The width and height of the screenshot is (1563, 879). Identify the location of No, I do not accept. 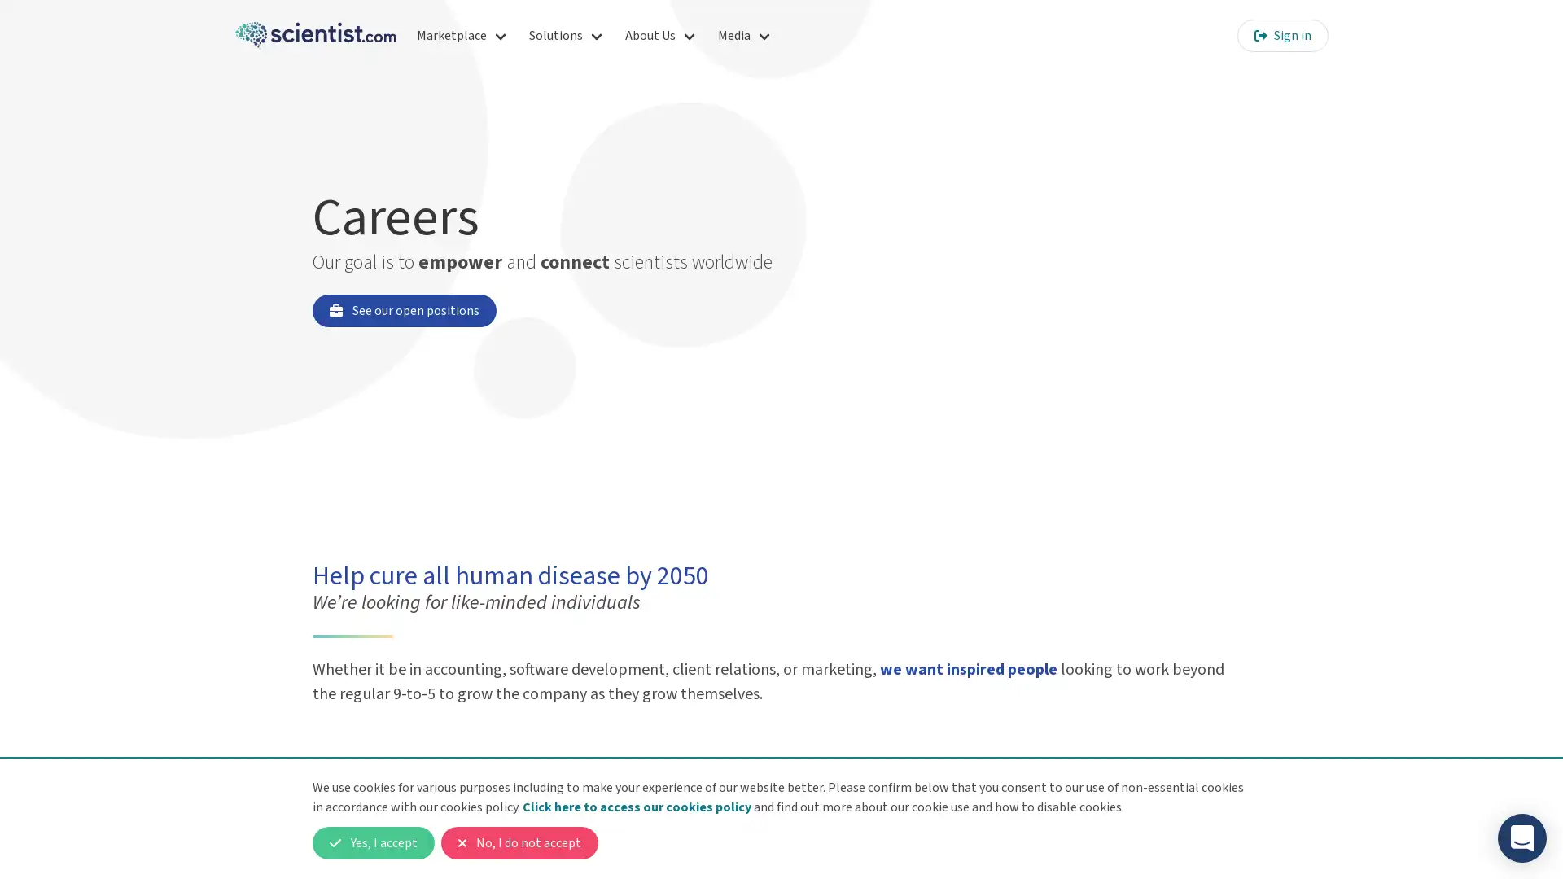
(519, 842).